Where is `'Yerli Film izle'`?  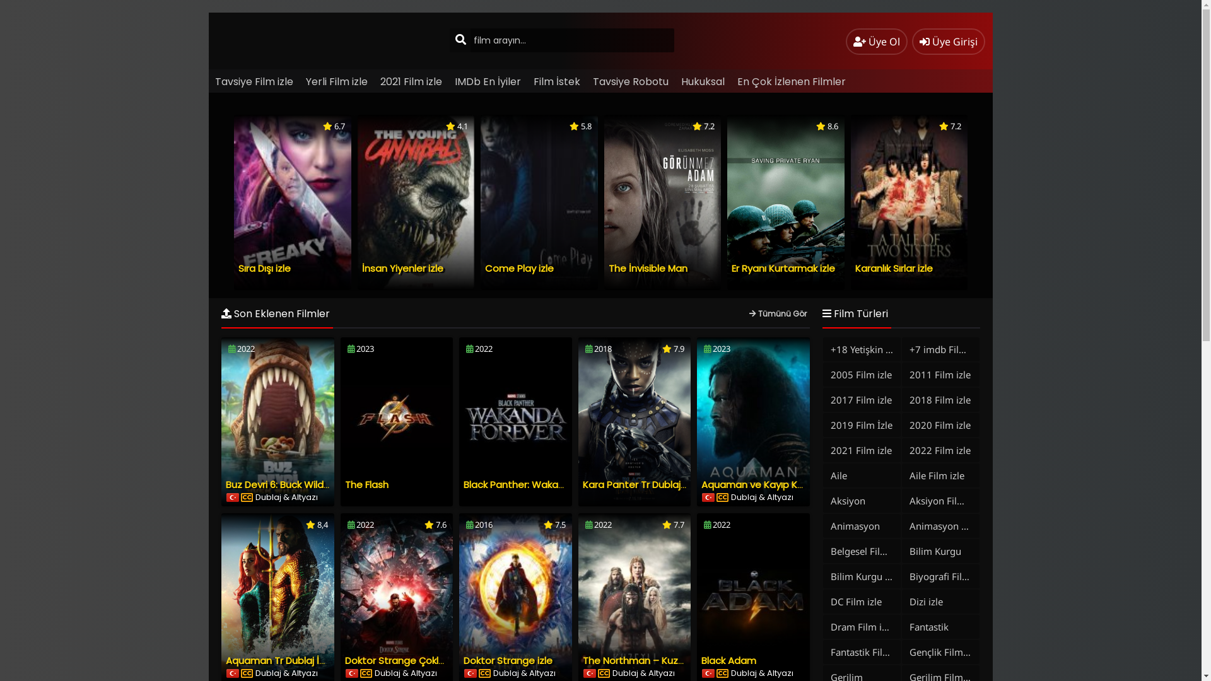
'Yerli Film izle' is located at coordinates (336, 81).